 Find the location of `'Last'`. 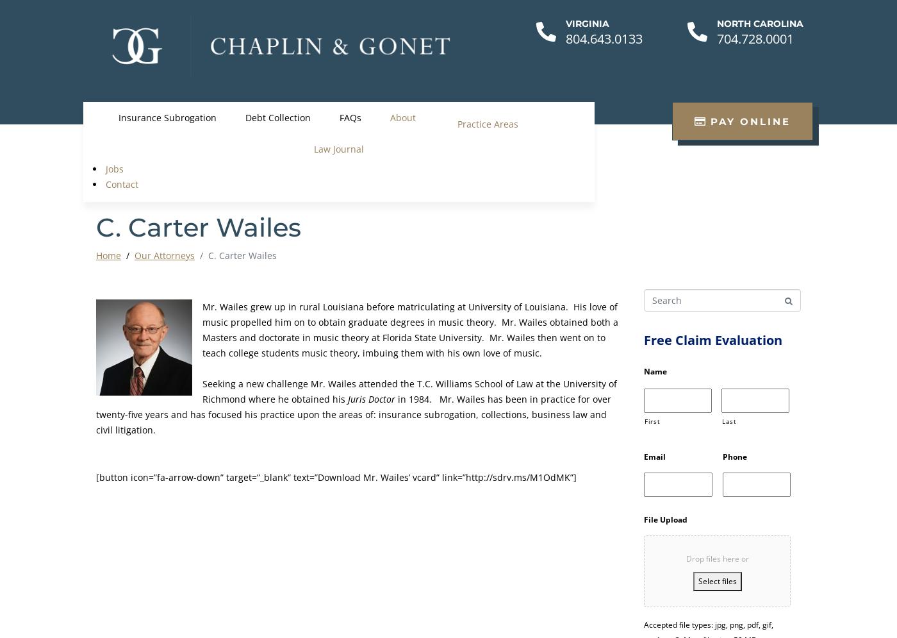

'Last' is located at coordinates (729, 420).